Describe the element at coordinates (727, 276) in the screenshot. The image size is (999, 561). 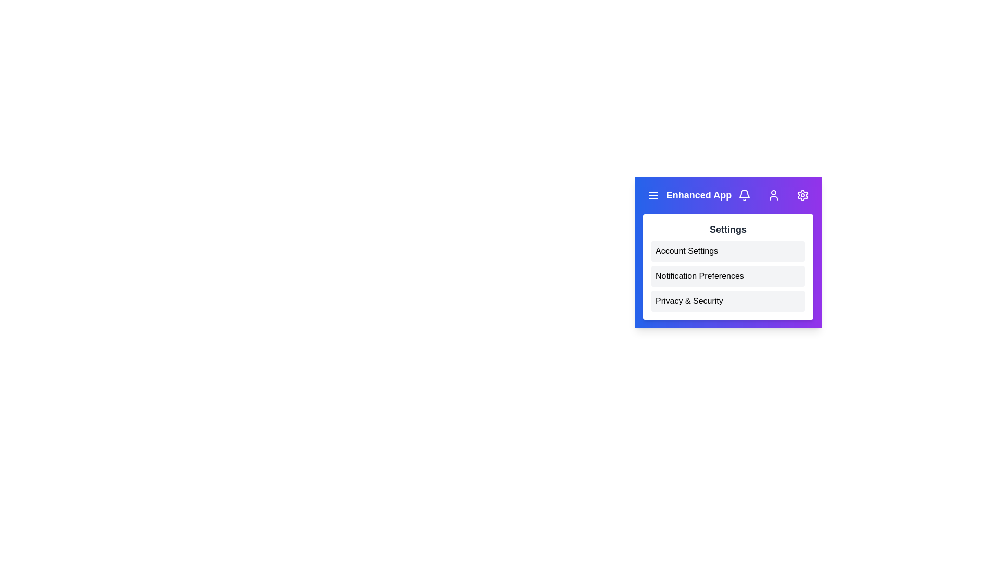
I see `the Notification Preferences button in the settings menu` at that location.